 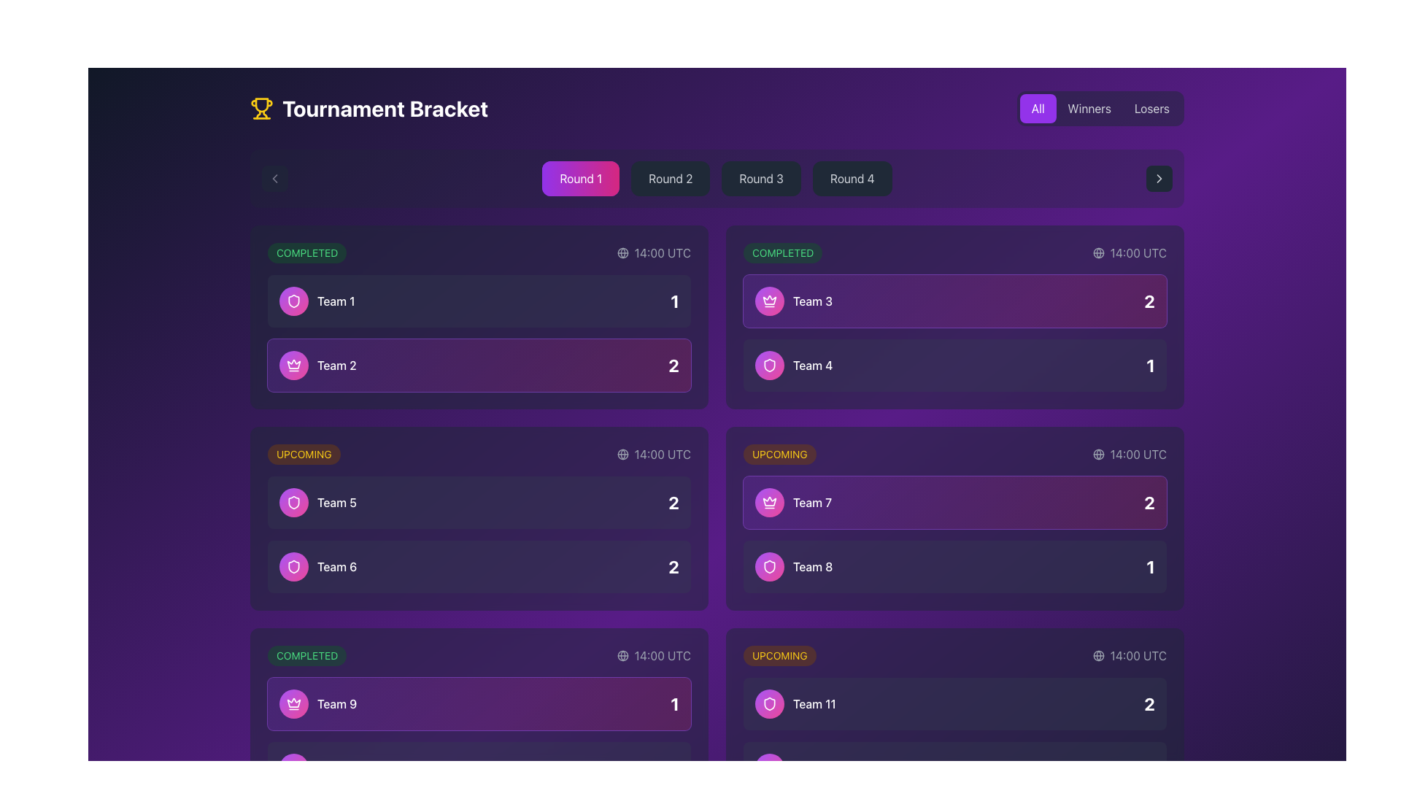 I want to click on the Matchup Information Panel displaying 'Team 3' and 'Team 4' scores, so click(x=955, y=333).